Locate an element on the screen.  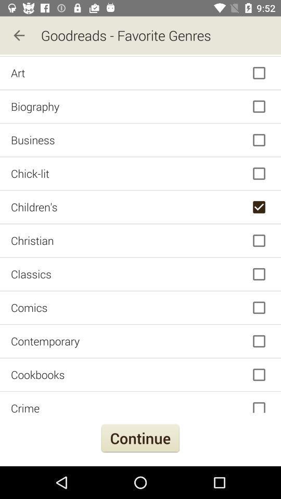
the item below comics is located at coordinates (140, 340).